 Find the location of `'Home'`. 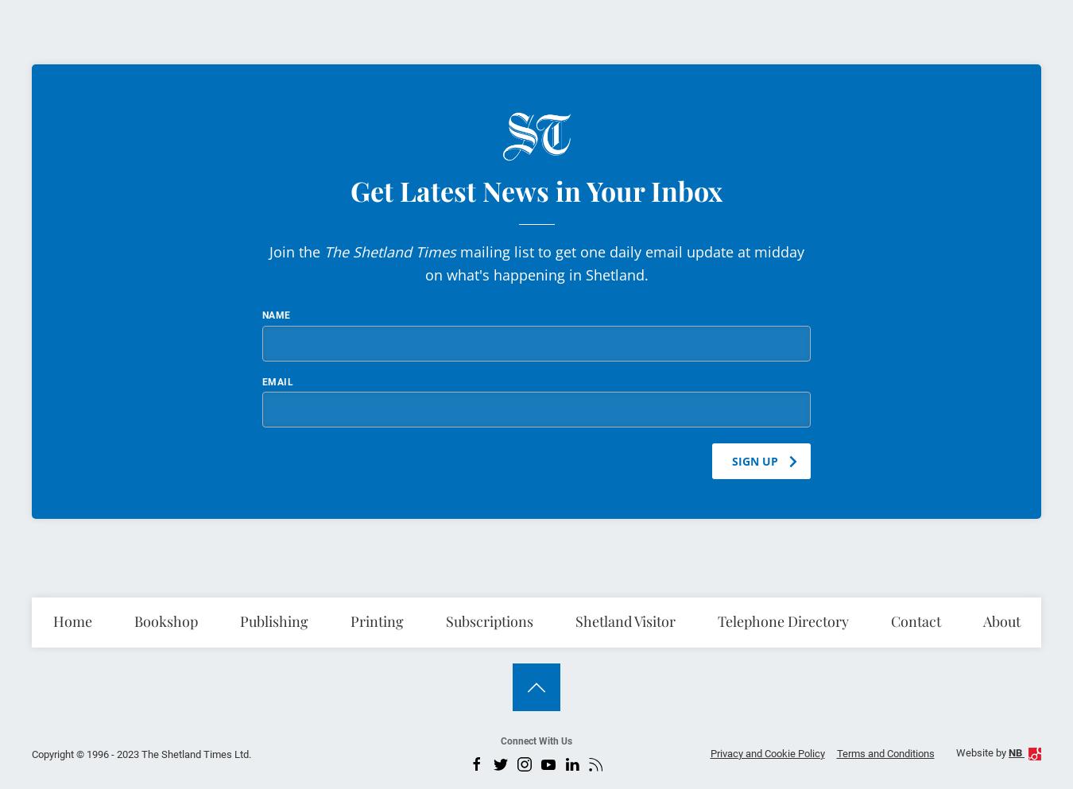

'Home' is located at coordinates (71, 620).